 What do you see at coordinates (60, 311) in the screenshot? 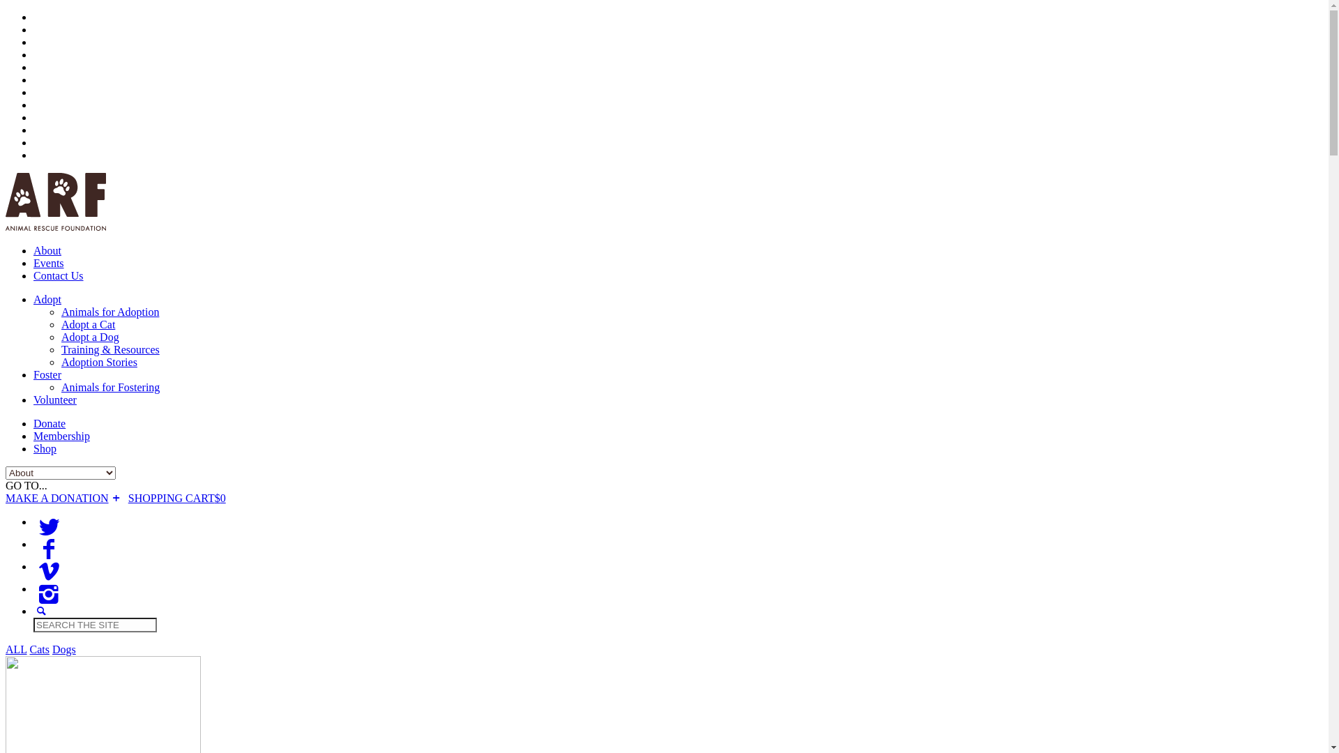
I see `'Animals for Adoption'` at bounding box center [60, 311].